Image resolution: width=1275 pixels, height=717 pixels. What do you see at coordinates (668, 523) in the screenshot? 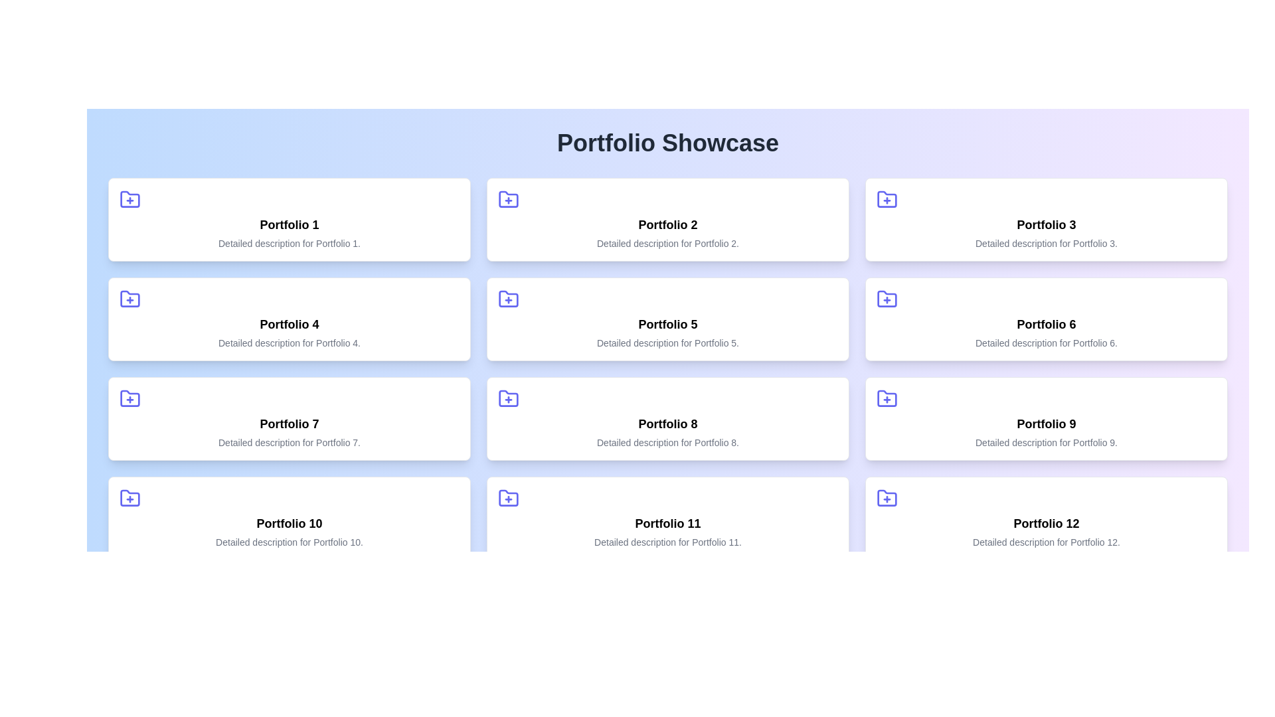
I see `the bold text label displaying 'Portfolio 11', located inside the eleventh portfolio card in the last row and third column of the grid` at bounding box center [668, 523].